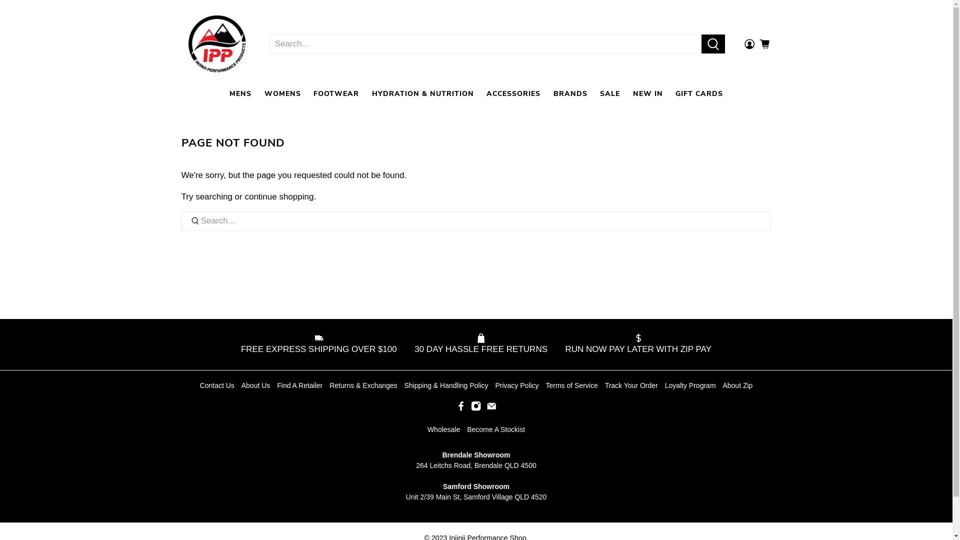 Image resolution: width=960 pixels, height=540 pixels. Describe the element at coordinates (278, 196) in the screenshot. I see `'continue shopping'` at that location.